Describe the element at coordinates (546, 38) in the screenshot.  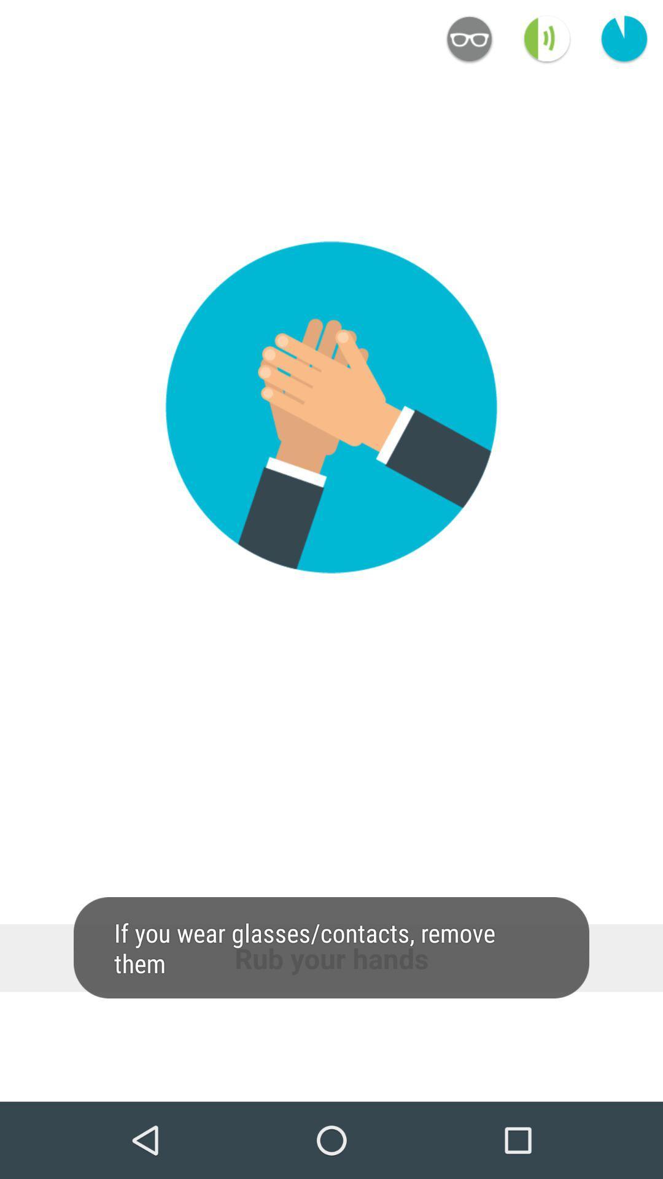
I see `the volume icon` at that location.